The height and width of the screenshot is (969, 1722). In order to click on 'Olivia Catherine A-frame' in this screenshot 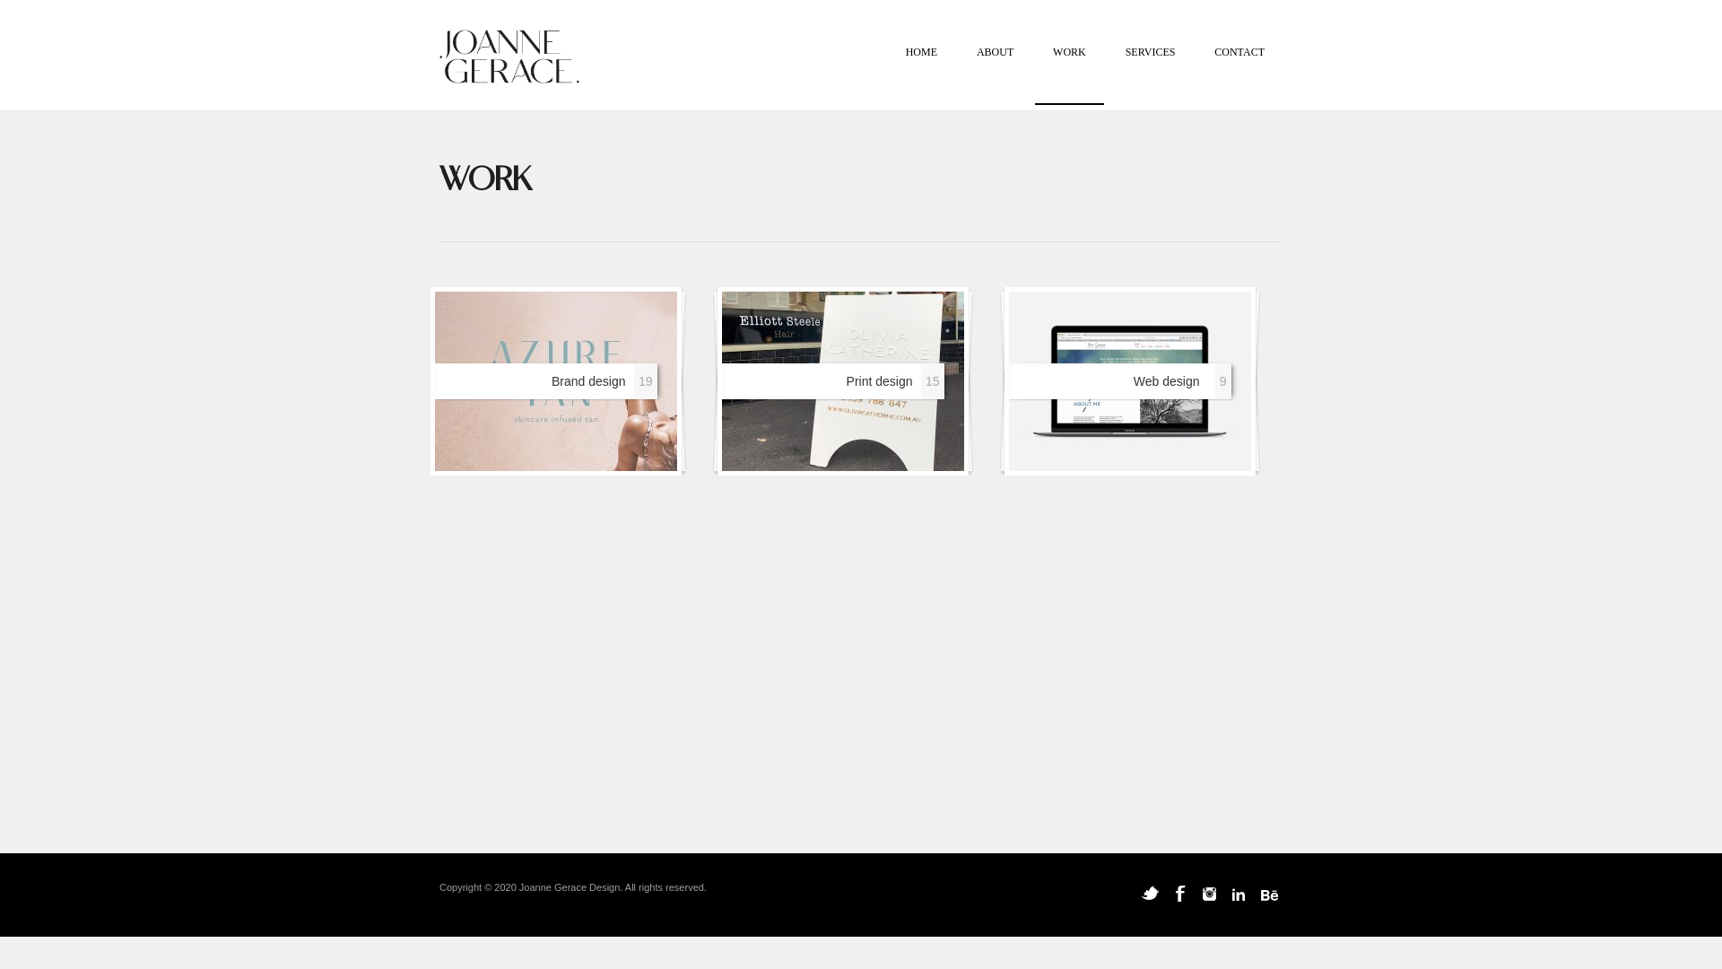, I will do `click(842, 380)`.